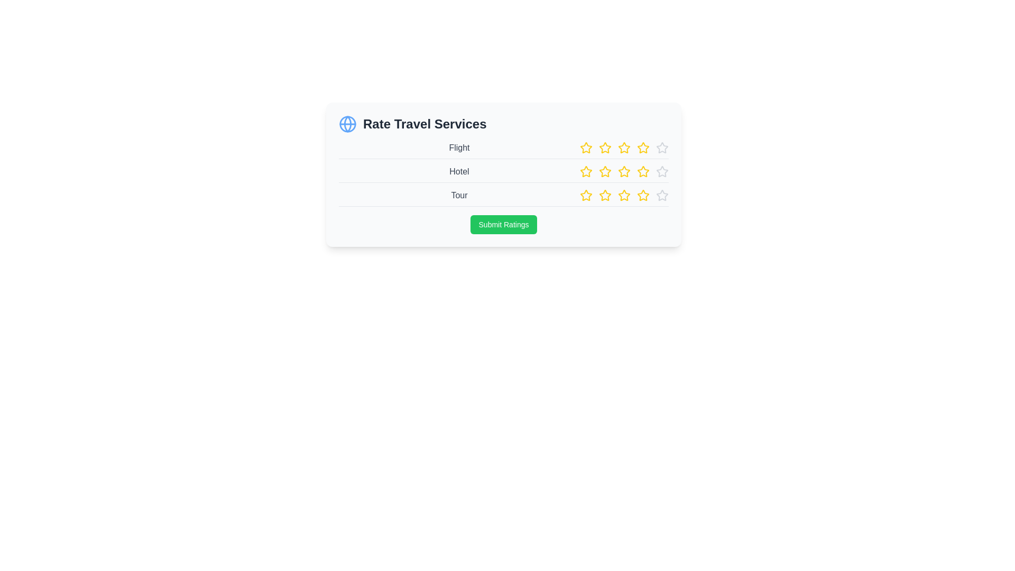  Describe the element at coordinates (661, 148) in the screenshot. I see `the fifth star icon in the rating row labeled 'Flight' to assign a fifth rating` at that location.